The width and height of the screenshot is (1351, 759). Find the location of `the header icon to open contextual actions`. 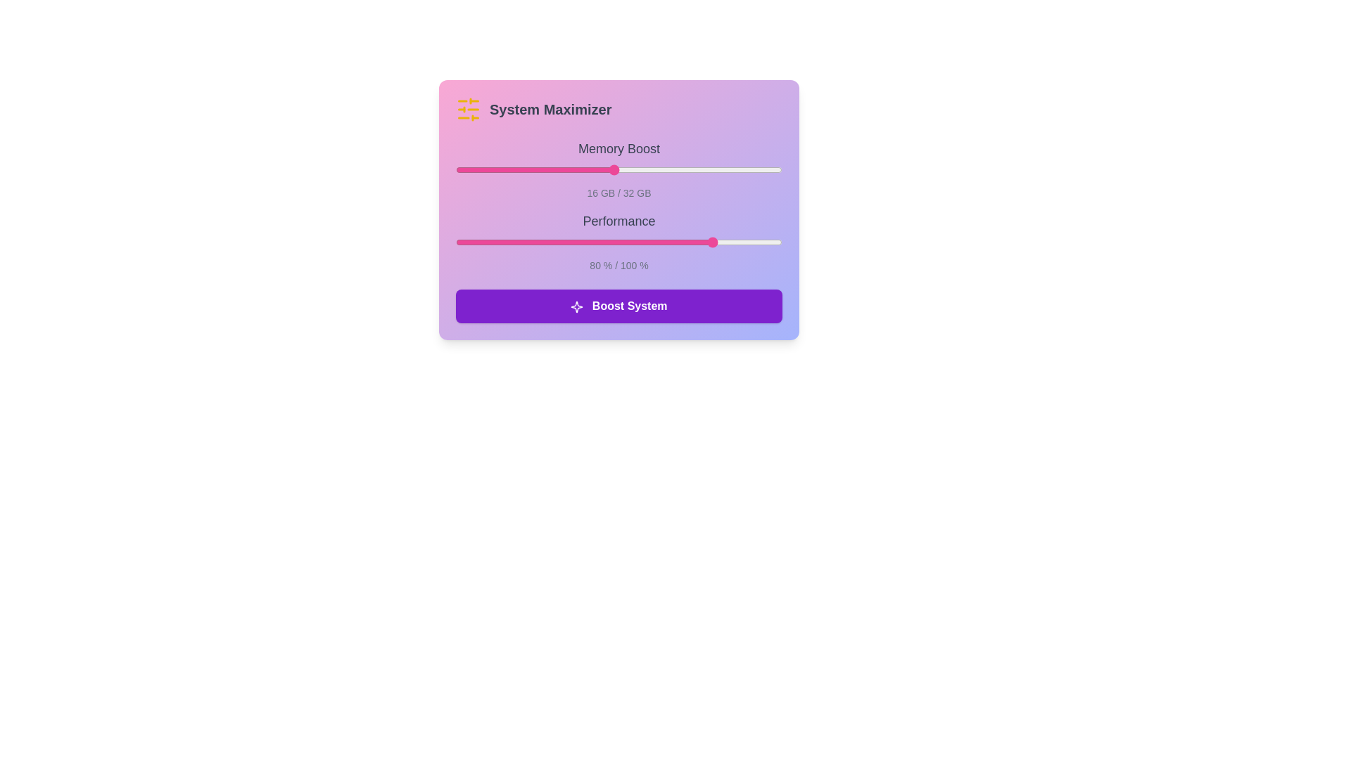

the header icon to open contextual actions is located at coordinates (469, 108).